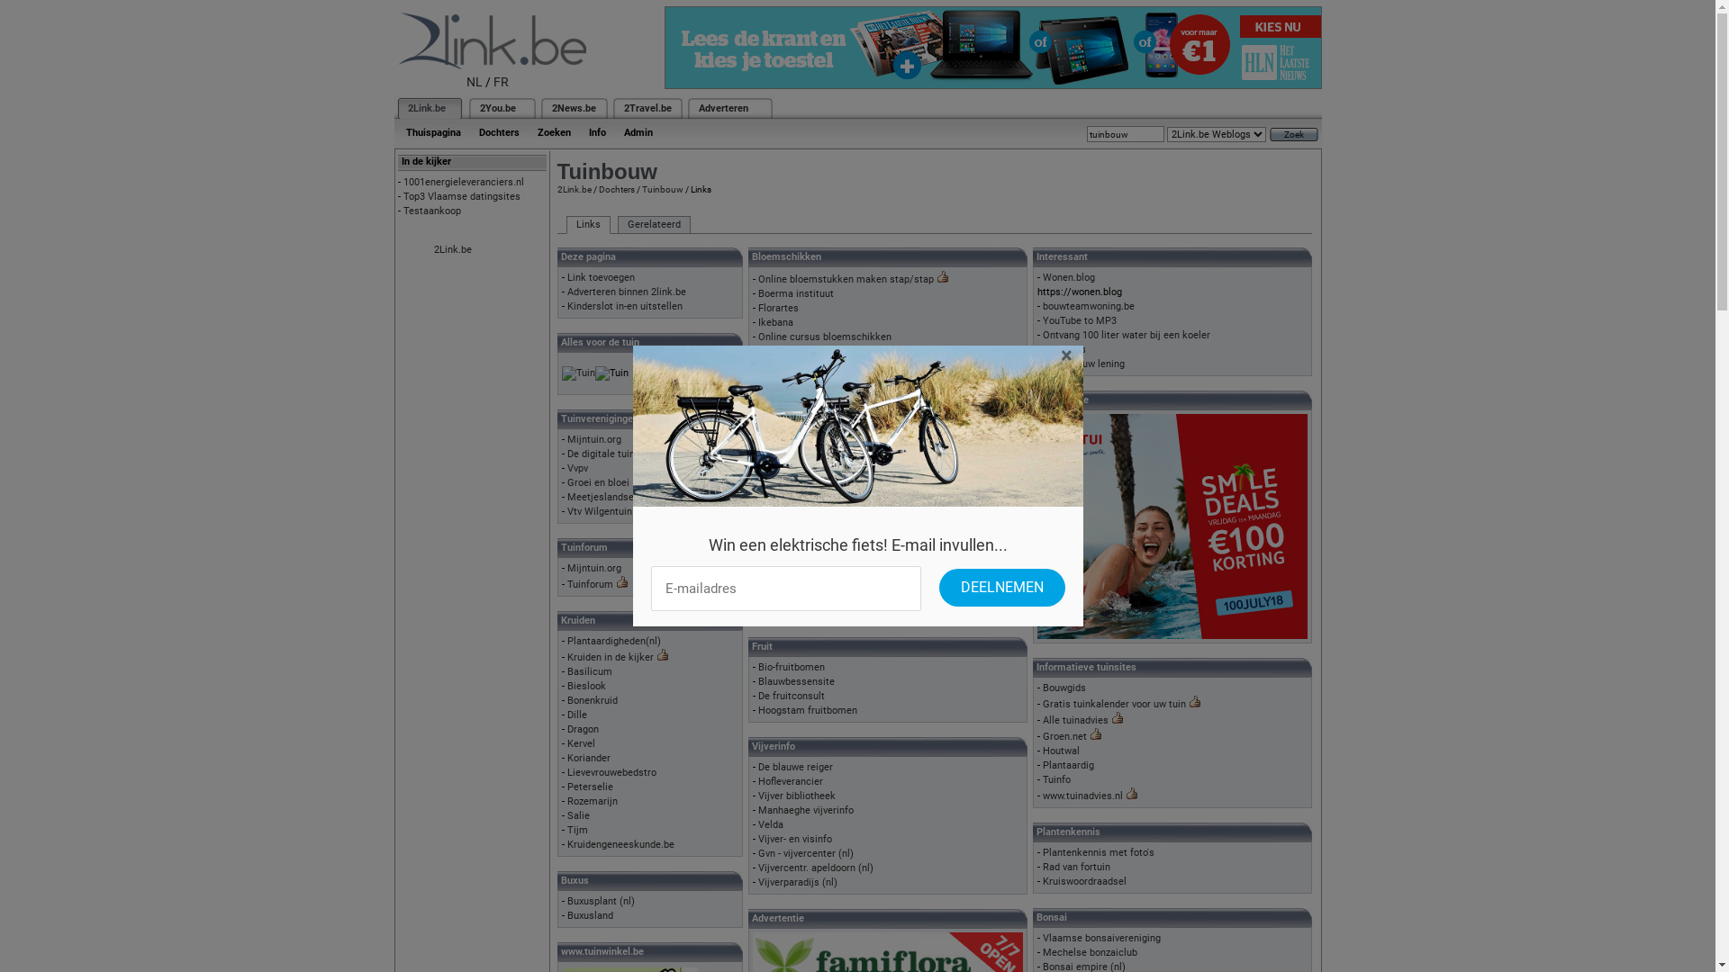 This screenshot has height=972, width=1729. I want to click on 'Ontvang 100 liter water bij een koeler', so click(1126, 335).